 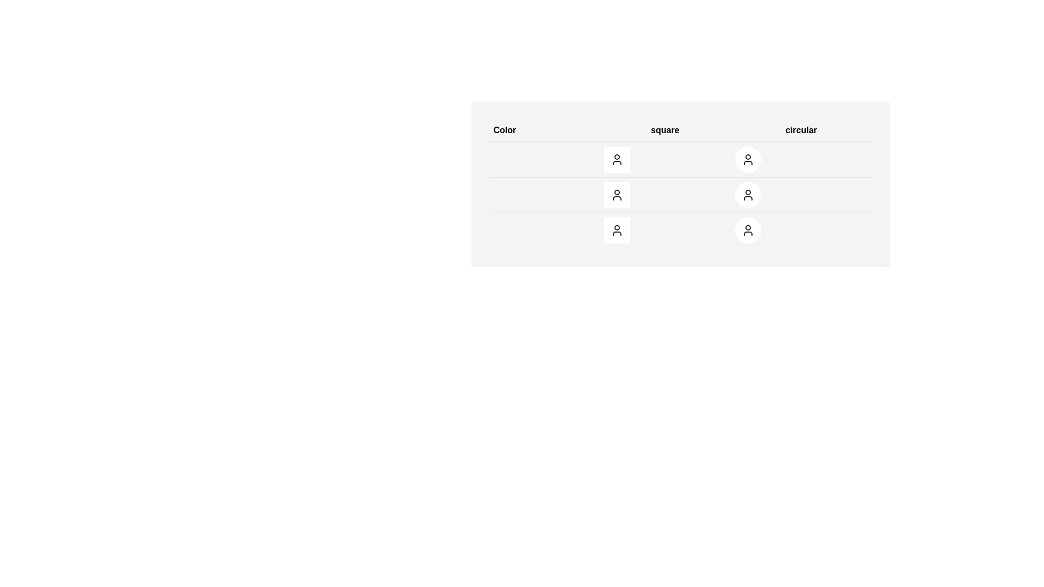 I want to click on the middle row in the table-like structure that contains user-related icons for 'square' and 'circular' columns, so click(x=680, y=194).